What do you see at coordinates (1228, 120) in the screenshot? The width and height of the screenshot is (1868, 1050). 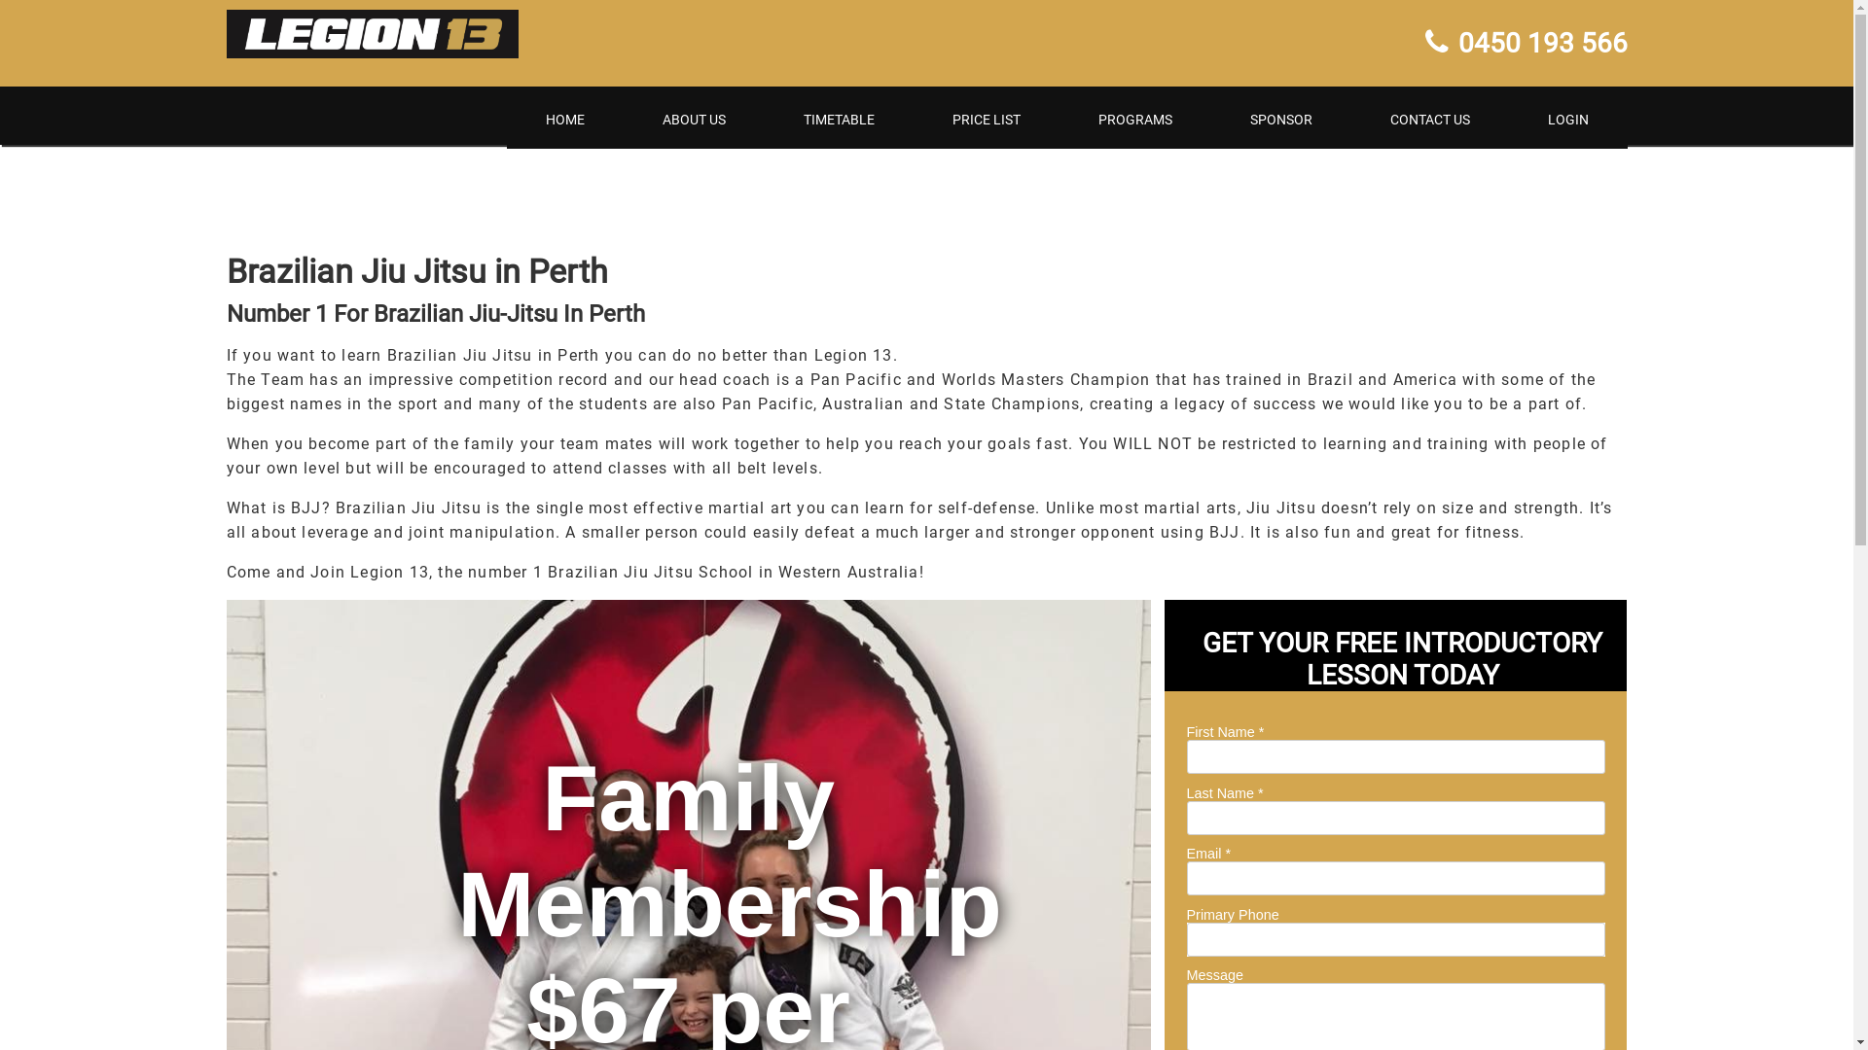 I see `'SPONSOR'` at bounding box center [1228, 120].